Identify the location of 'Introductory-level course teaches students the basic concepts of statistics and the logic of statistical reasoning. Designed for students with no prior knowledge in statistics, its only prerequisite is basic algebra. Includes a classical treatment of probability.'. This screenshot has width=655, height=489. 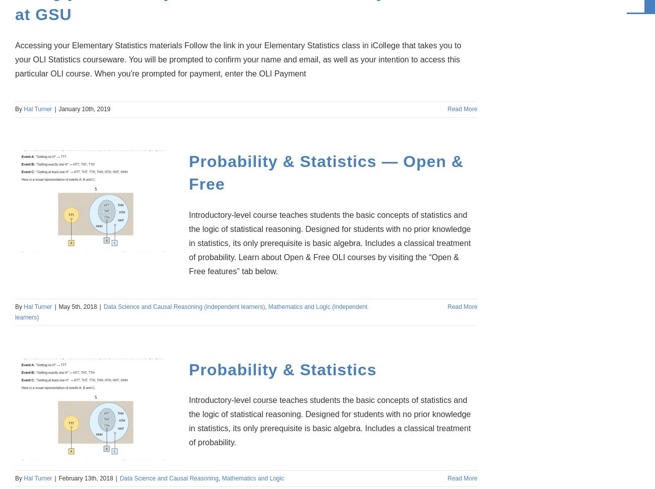
(188, 421).